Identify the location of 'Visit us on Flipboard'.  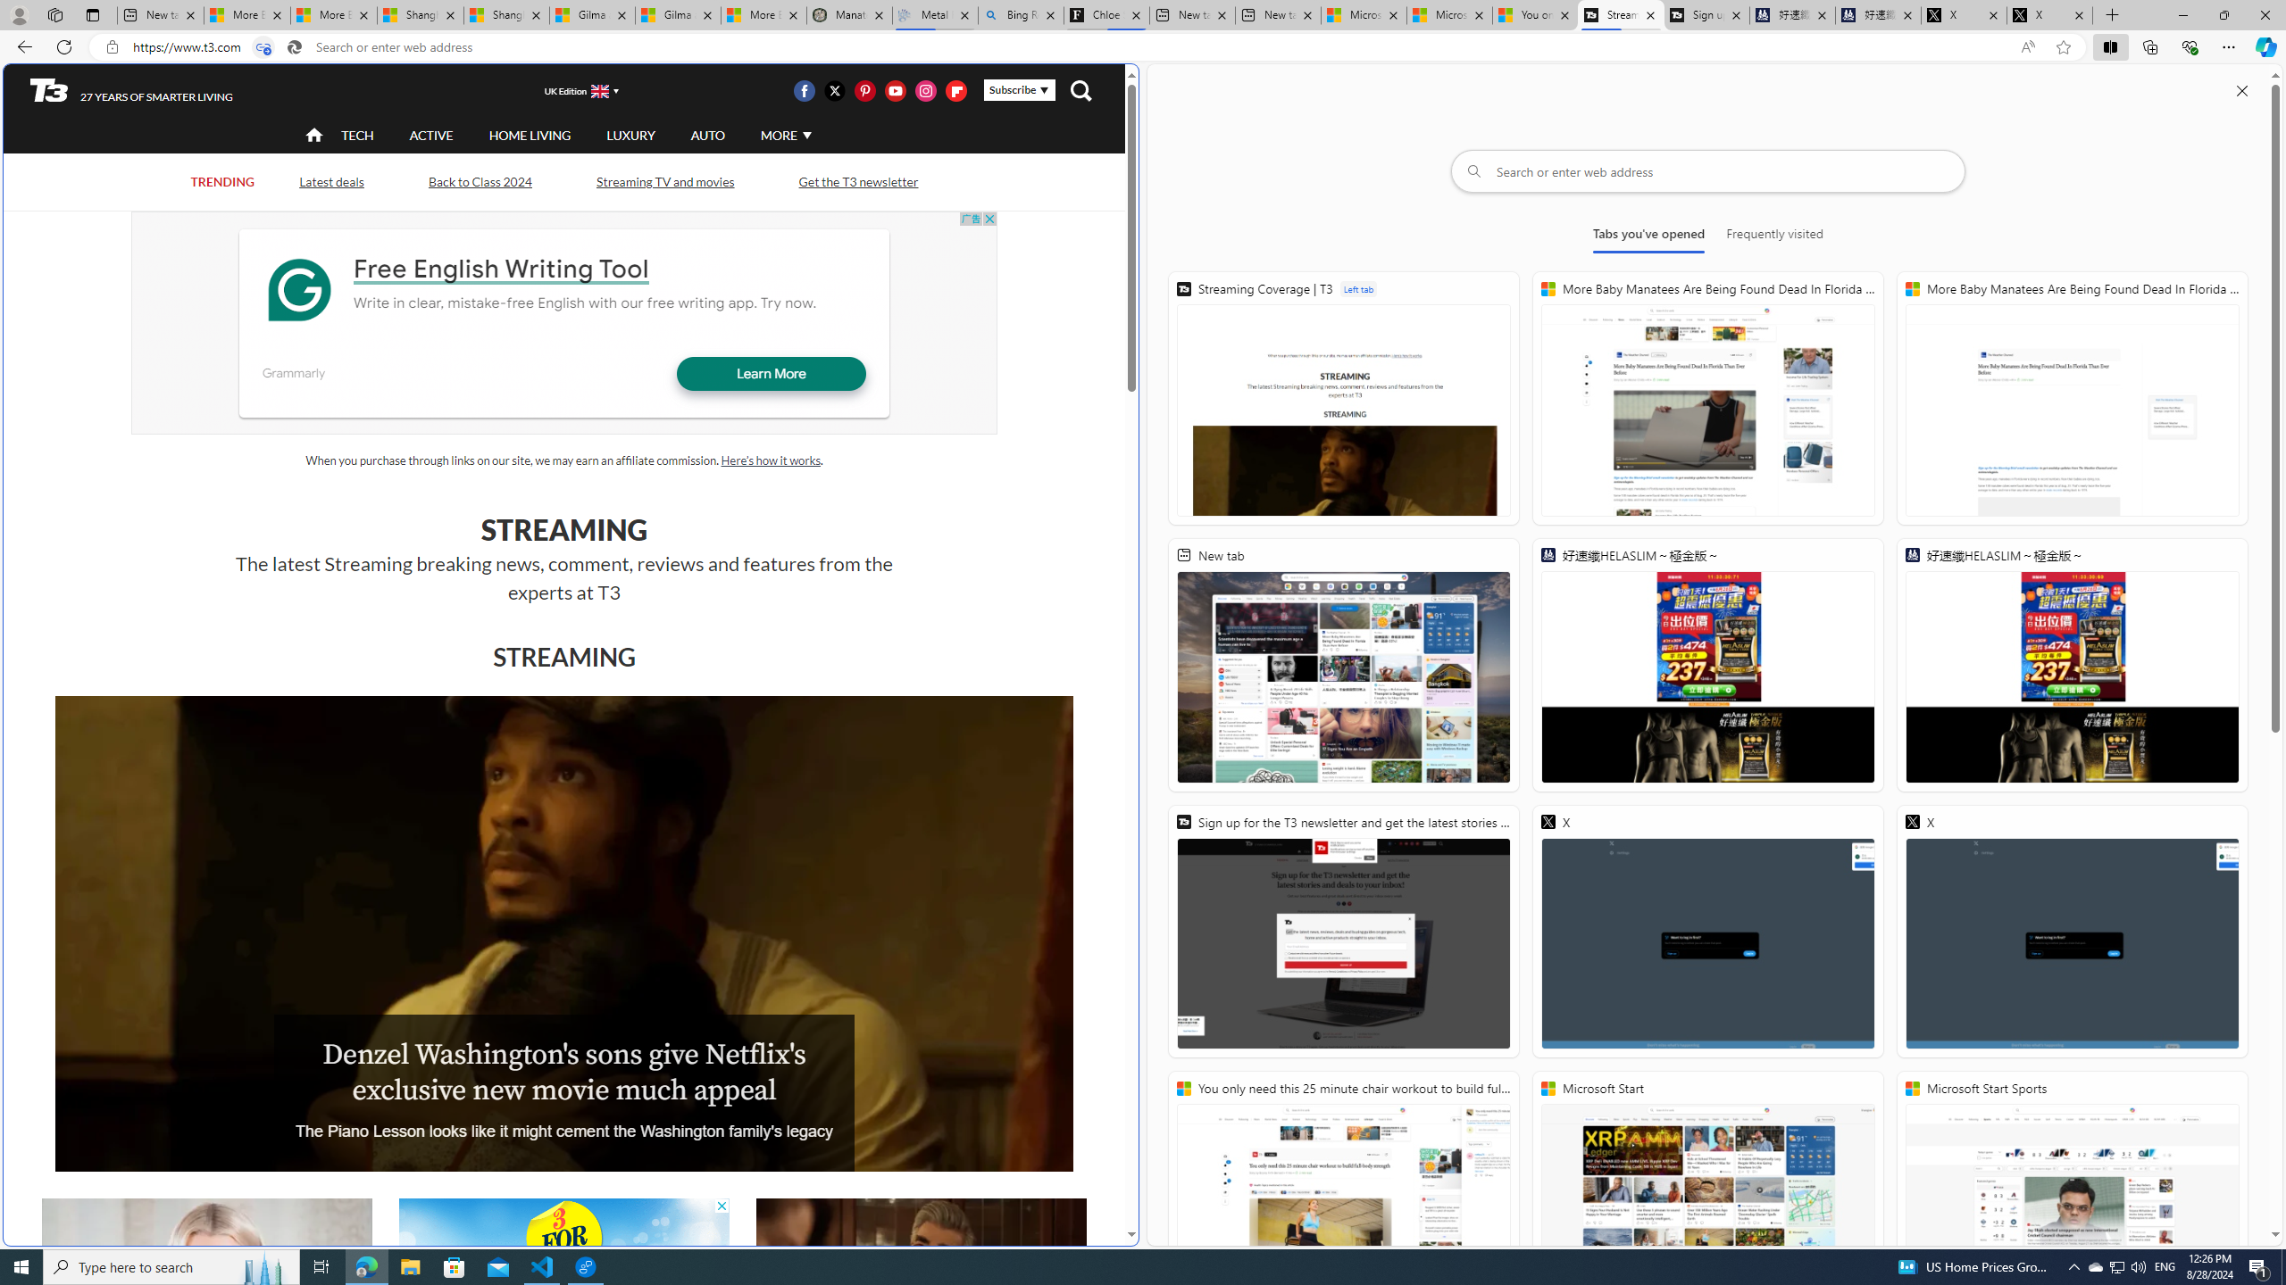
(956, 89).